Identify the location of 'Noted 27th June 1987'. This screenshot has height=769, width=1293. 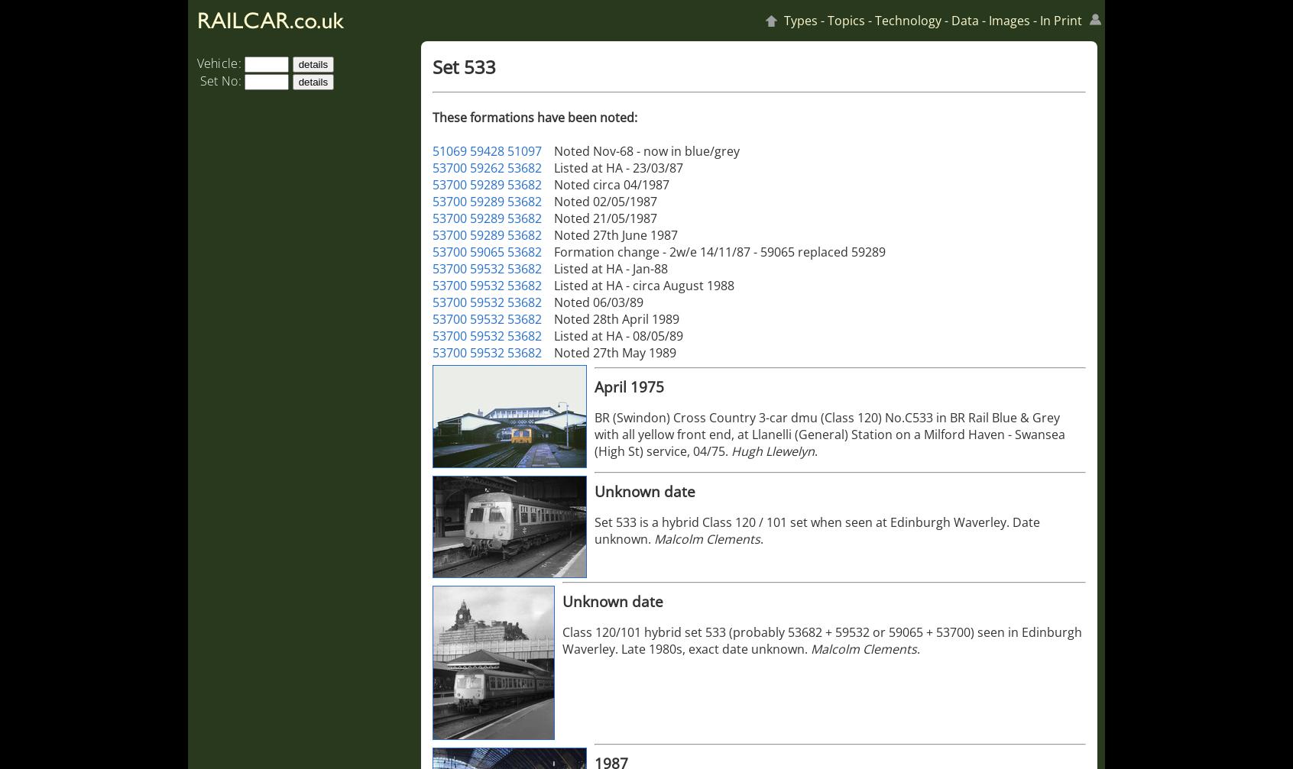
(616, 235).